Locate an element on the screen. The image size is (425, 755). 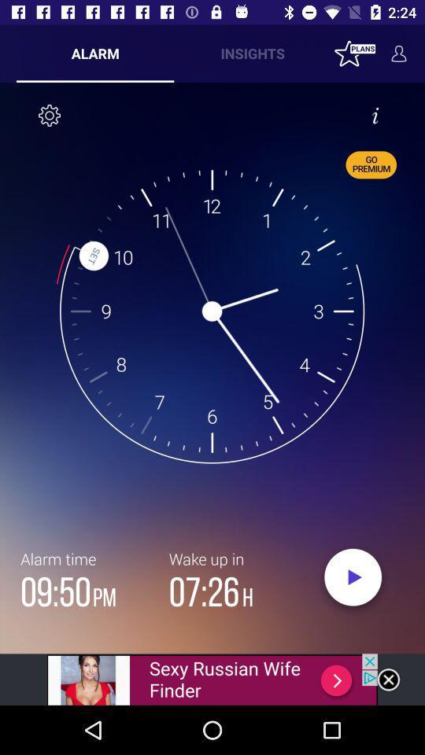
information menu is located at coordinates (374, 114).